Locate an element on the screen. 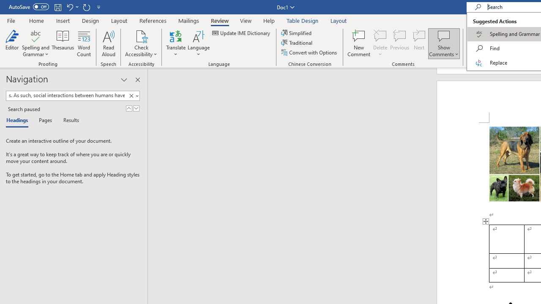 This screenshot has height=304, width=541. 'Language' is located at coordinates (198, 43).